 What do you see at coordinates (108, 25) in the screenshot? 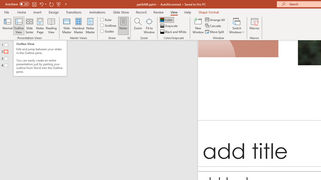
I see `'Gridlines'` at bounding box center [108, 25].